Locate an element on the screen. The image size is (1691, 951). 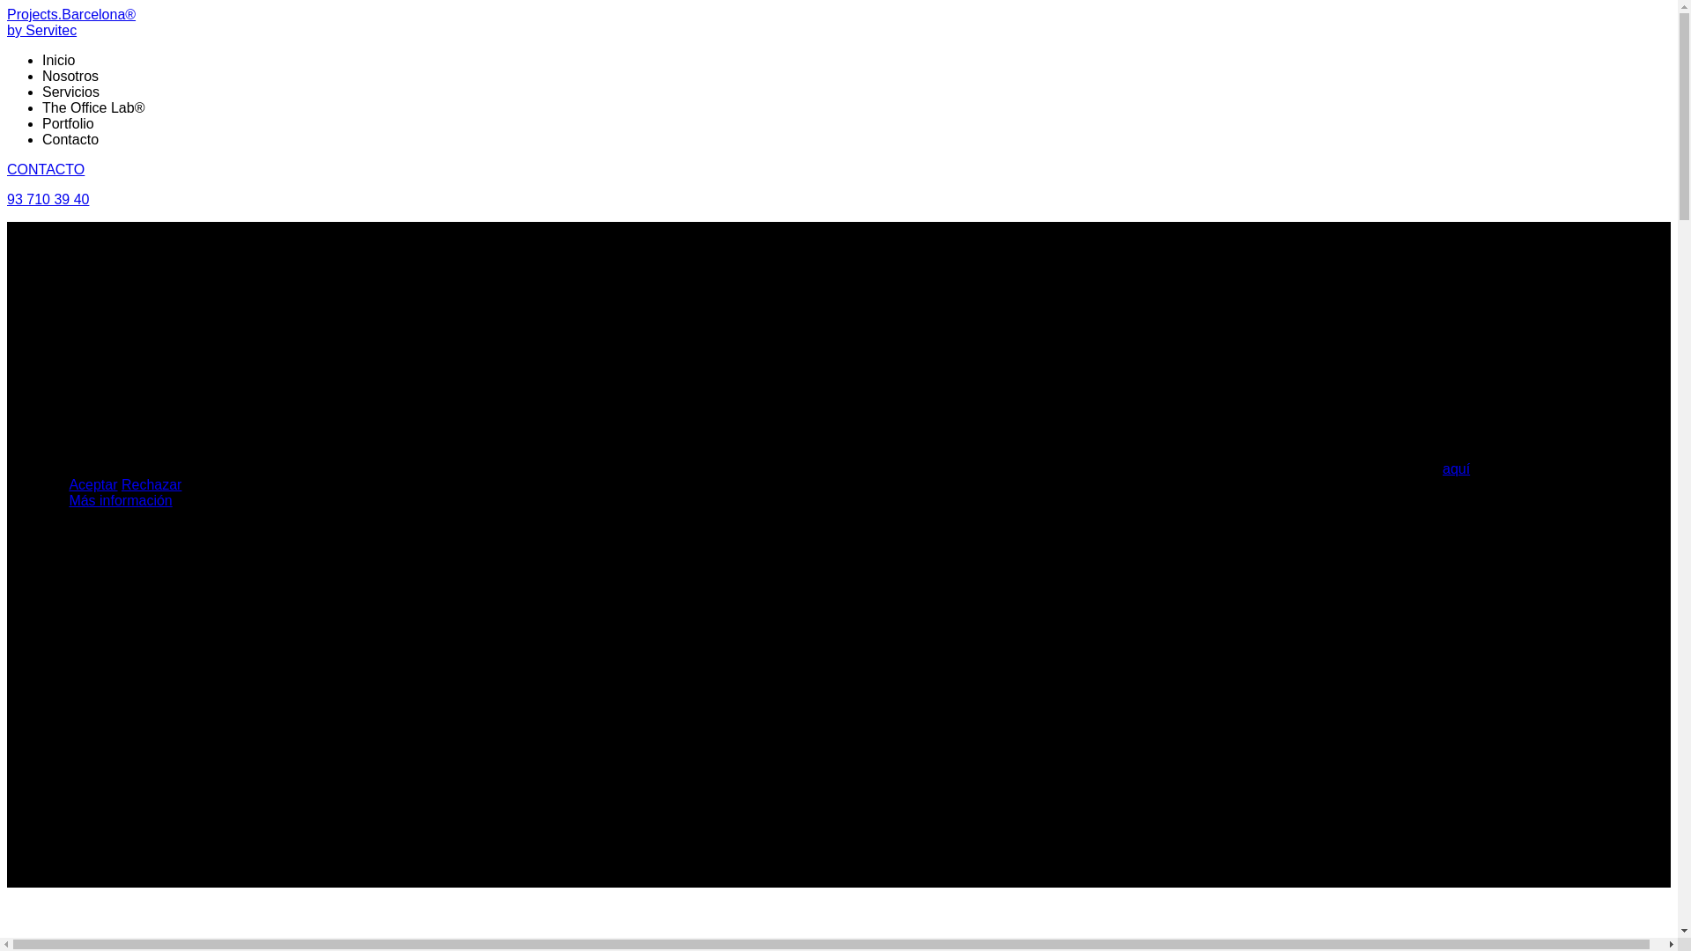
'Portfolio' is located at coordinates (42, 122).